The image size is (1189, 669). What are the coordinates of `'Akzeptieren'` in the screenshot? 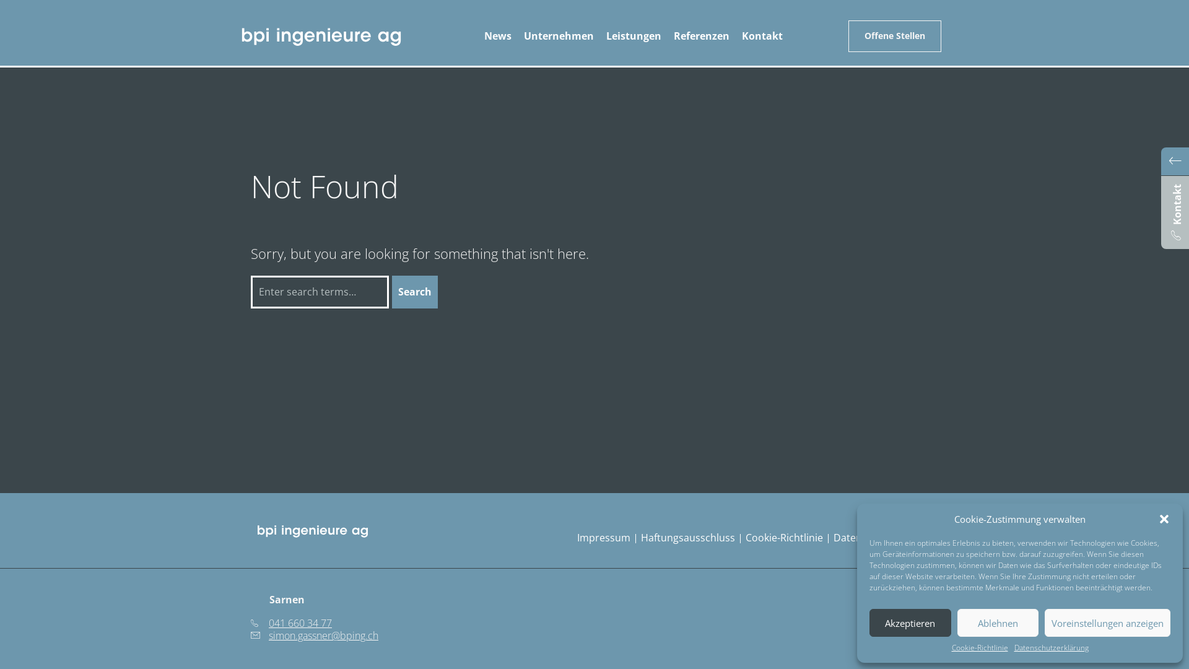 It's located at (910, 623).